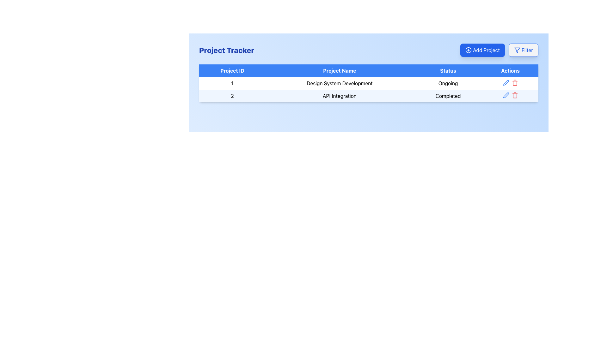  What do you see at coordinates (482, 50) in the screenshot?
I see `the 'Add Project' button, which has a blue background and displays a '+' icon and white text` at bounding box center [482, 50].